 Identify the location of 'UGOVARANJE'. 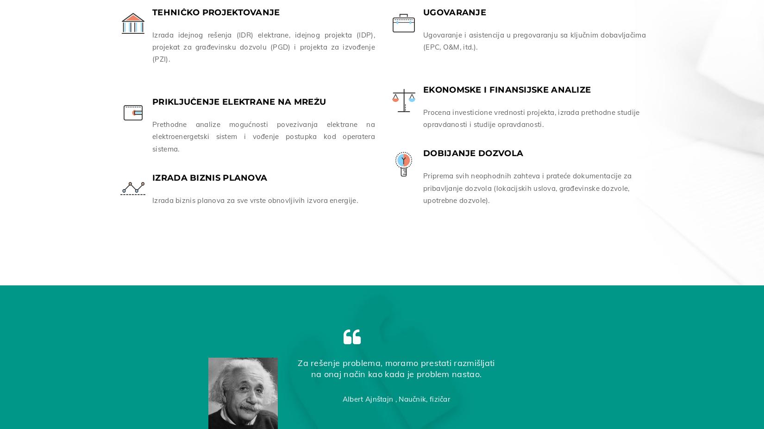
(455, 10).